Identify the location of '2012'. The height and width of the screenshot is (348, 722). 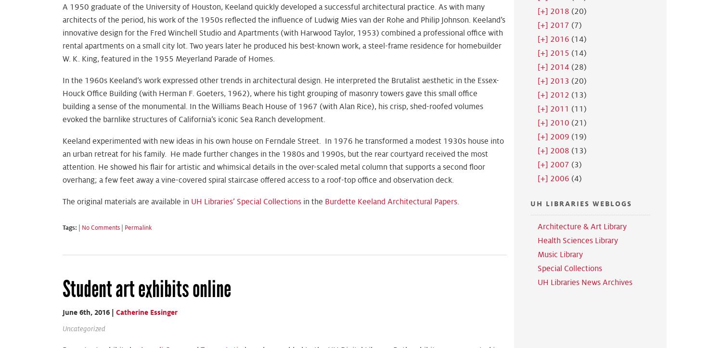
(559, 95).